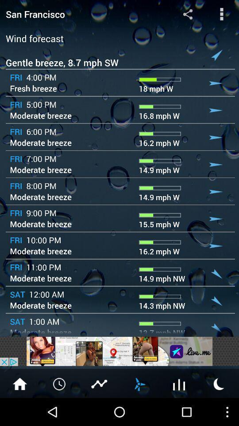 The height and width of the screenshot is (426, 239). Describe the element at coordinates (219, 410) in the screenshot. I see `the weather icon` at that location.